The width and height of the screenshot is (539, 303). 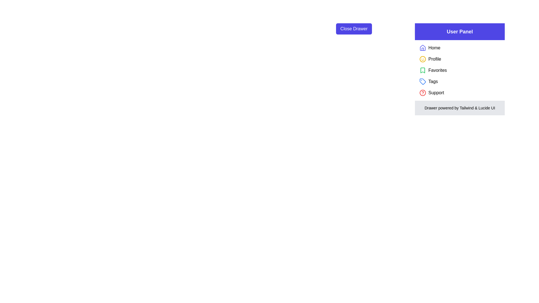 I want to click on the Profile within the drawer to examine its text and icon, so click(x=423, y=59).